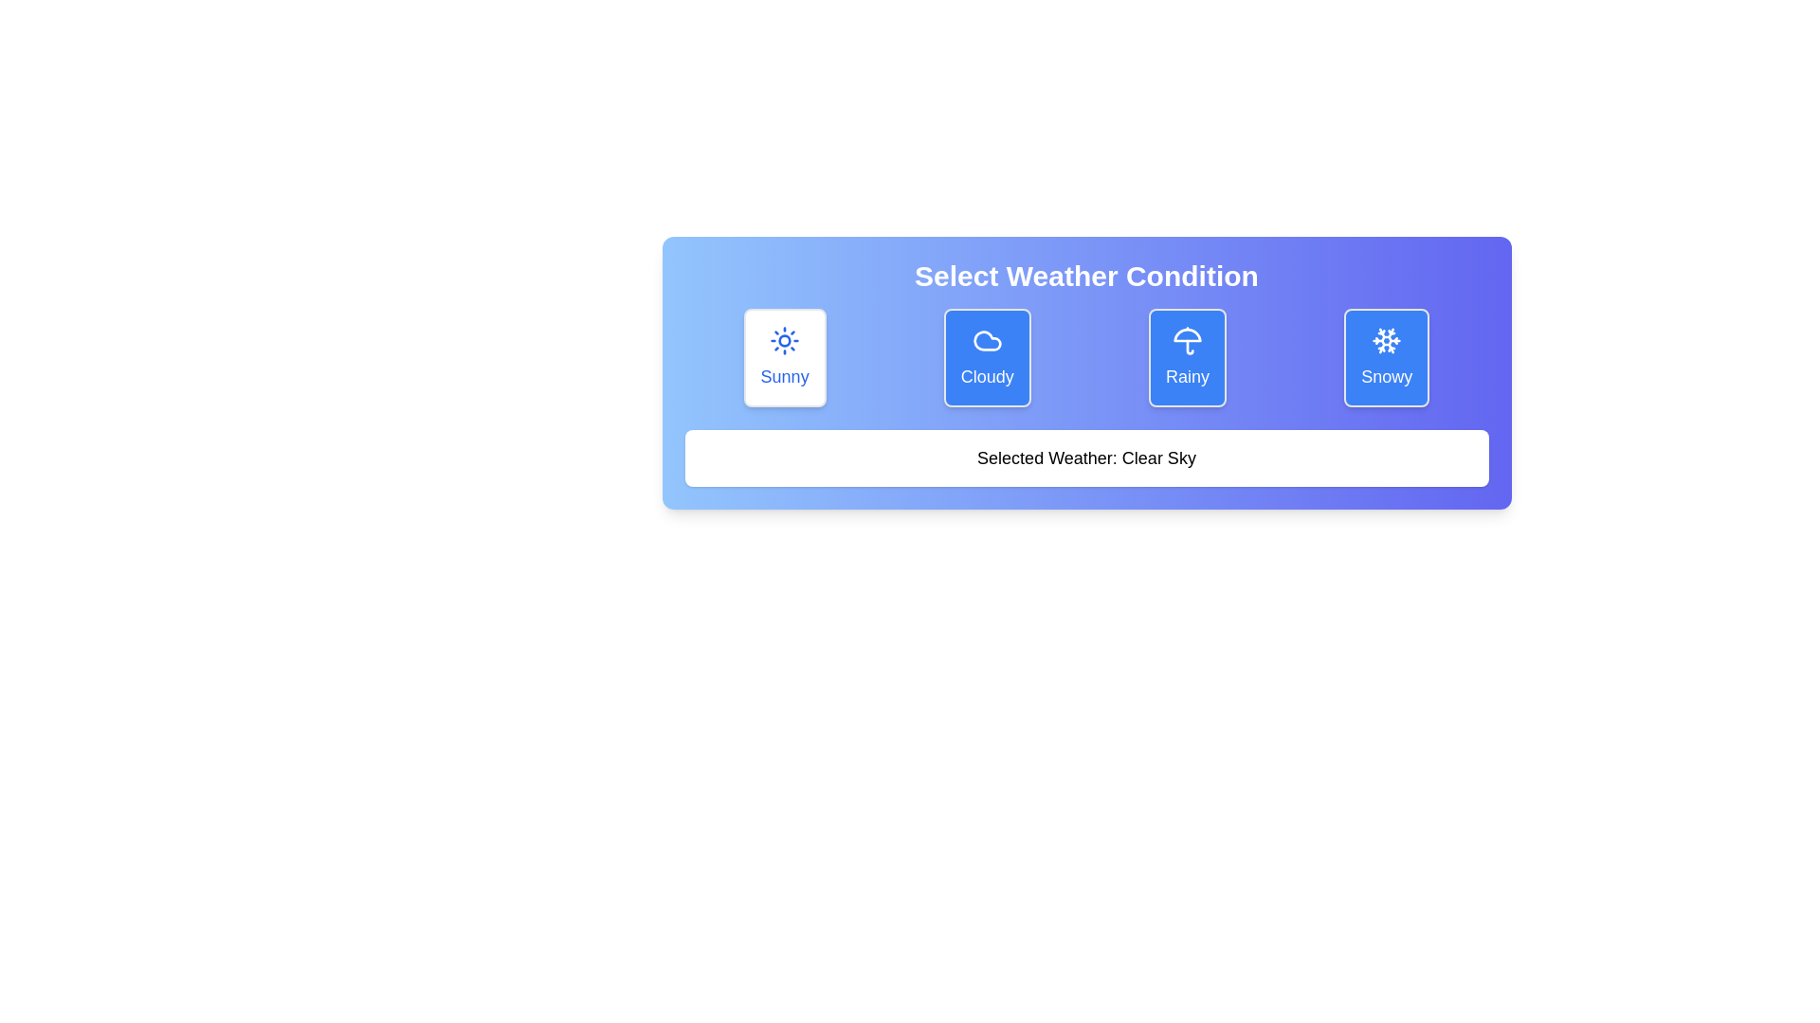 The width and height of the screenshot is (1820, 1023). What do you see at coordinates (1189, 347) in the screenshot?
I see `the vertical line representing the handle of the umbrella in the 'Rainy' weather icon within the weather selection interface` at bounding box center [1189, 347].